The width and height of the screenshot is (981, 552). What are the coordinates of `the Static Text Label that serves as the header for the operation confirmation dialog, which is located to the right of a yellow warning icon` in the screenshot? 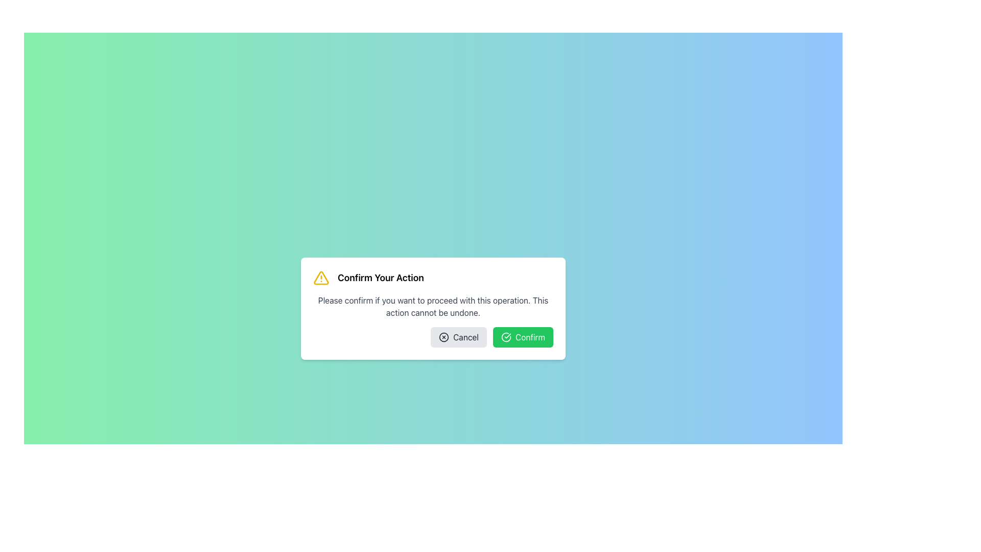 It's located at (380, 278).